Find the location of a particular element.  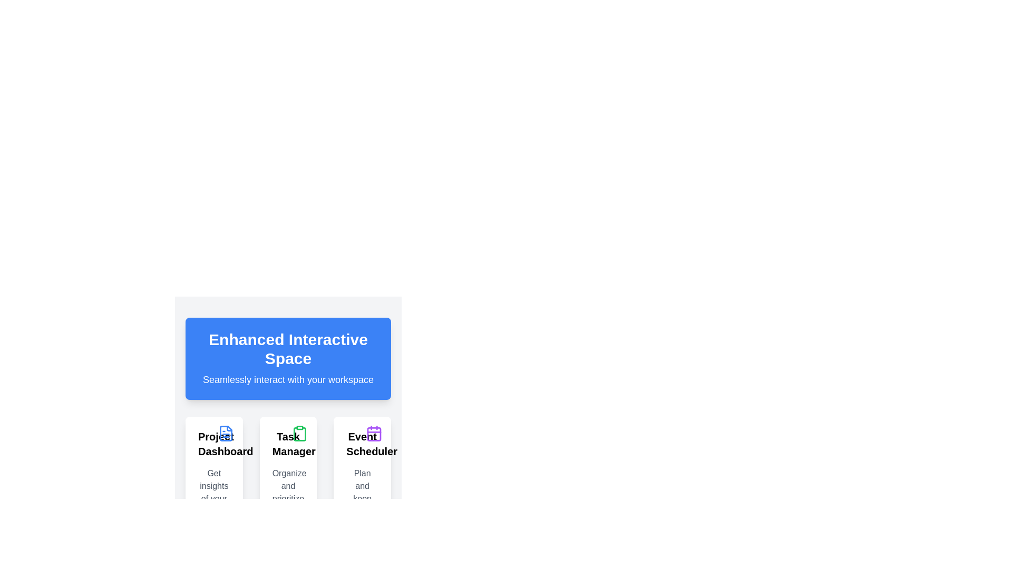

the file or text-related icon in the top-right corner of the 'Project Dashboard' card is located at coordinates (225, 433).